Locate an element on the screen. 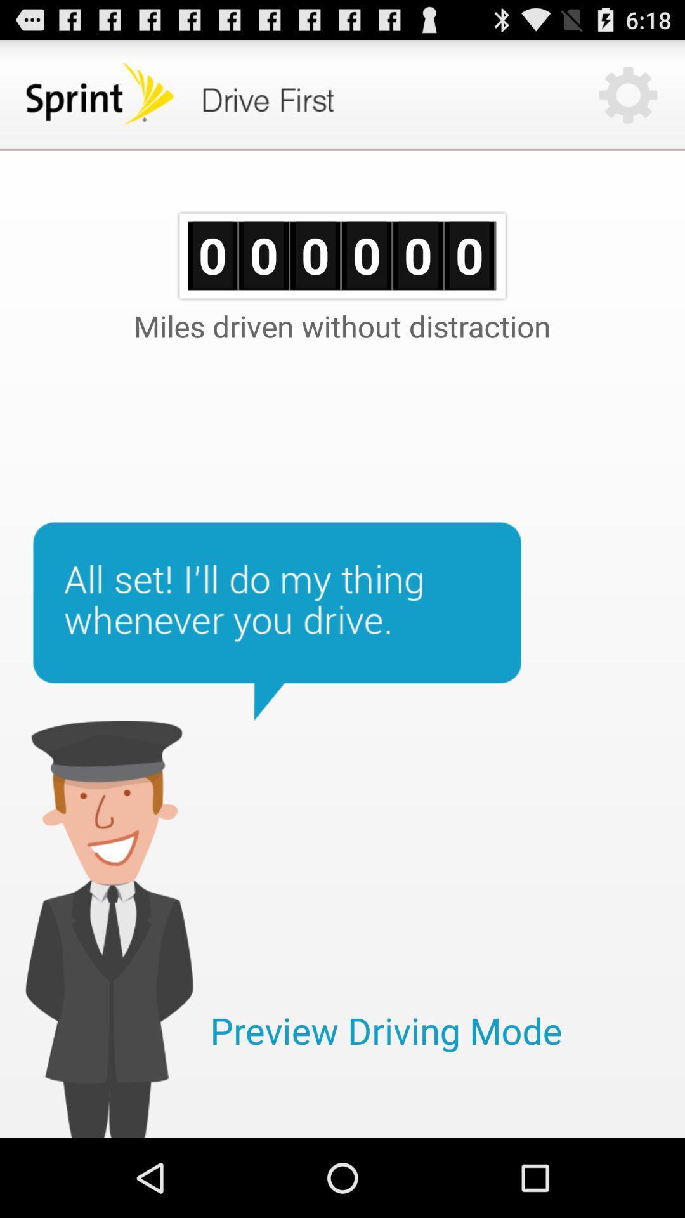  settings button menu is located at coordinates (628, 94).